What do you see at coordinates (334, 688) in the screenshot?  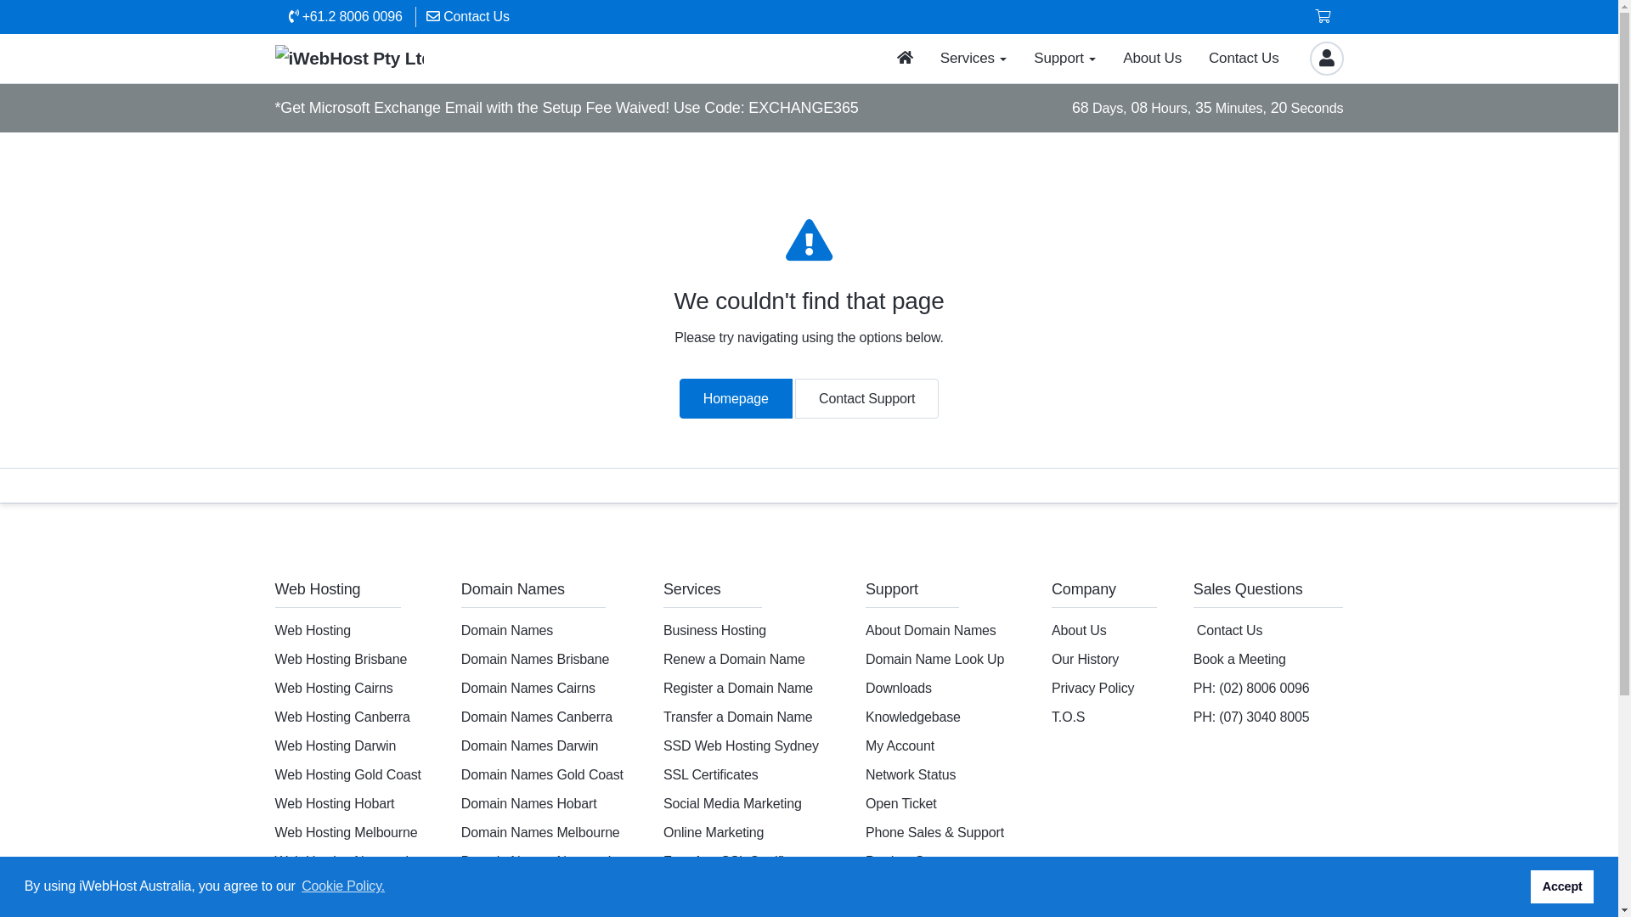 I see `'Web Hosting Cairns'` at bounding box center [334, 688].